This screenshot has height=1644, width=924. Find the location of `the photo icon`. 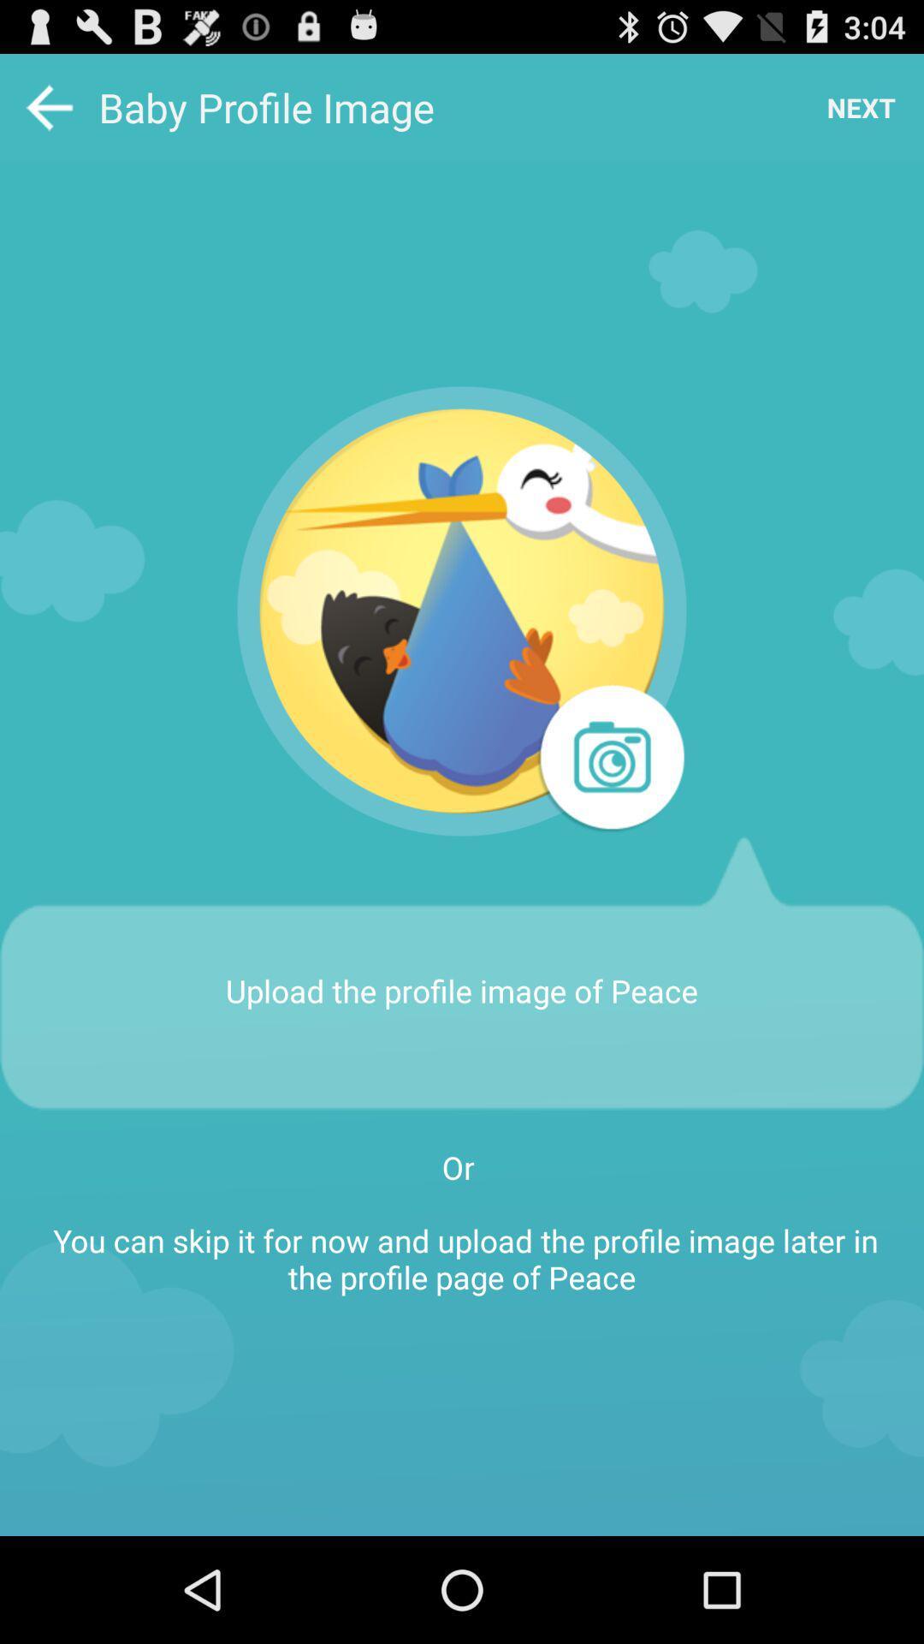

the photo icon is located at coordinates (609, 812).